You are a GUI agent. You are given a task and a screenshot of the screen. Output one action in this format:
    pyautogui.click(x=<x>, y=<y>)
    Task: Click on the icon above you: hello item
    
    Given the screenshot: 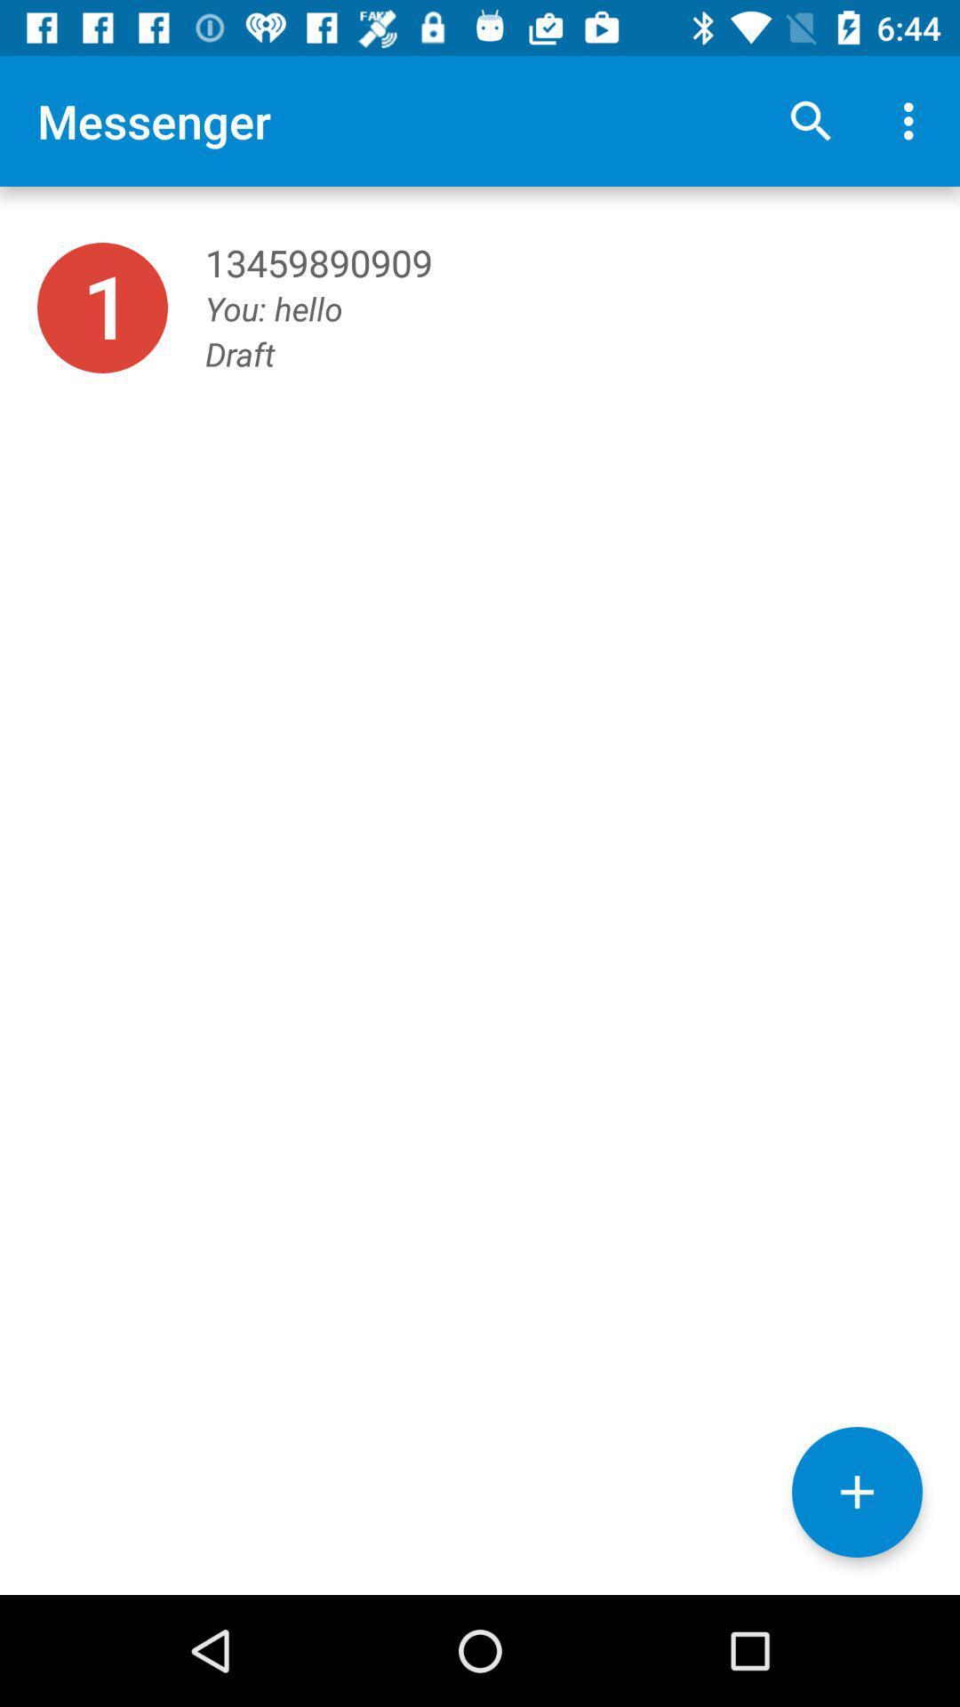 What is the action you would take?
    pyautogui.click(x=913, y=120)
    